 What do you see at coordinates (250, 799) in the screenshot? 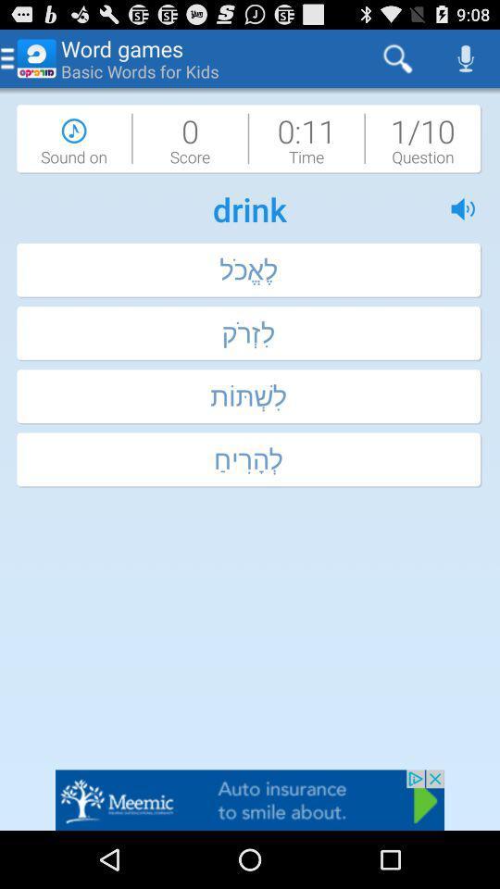
I see `banner` at bounding box center [250, 799].